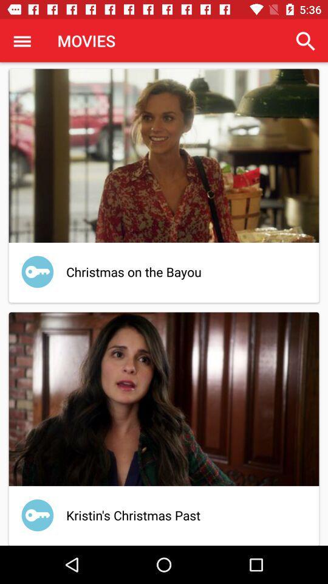  Describe the element at coordinates (164, 427) in the screenshot. I see `kristins christmas past which is at bottom of the page` at that location.